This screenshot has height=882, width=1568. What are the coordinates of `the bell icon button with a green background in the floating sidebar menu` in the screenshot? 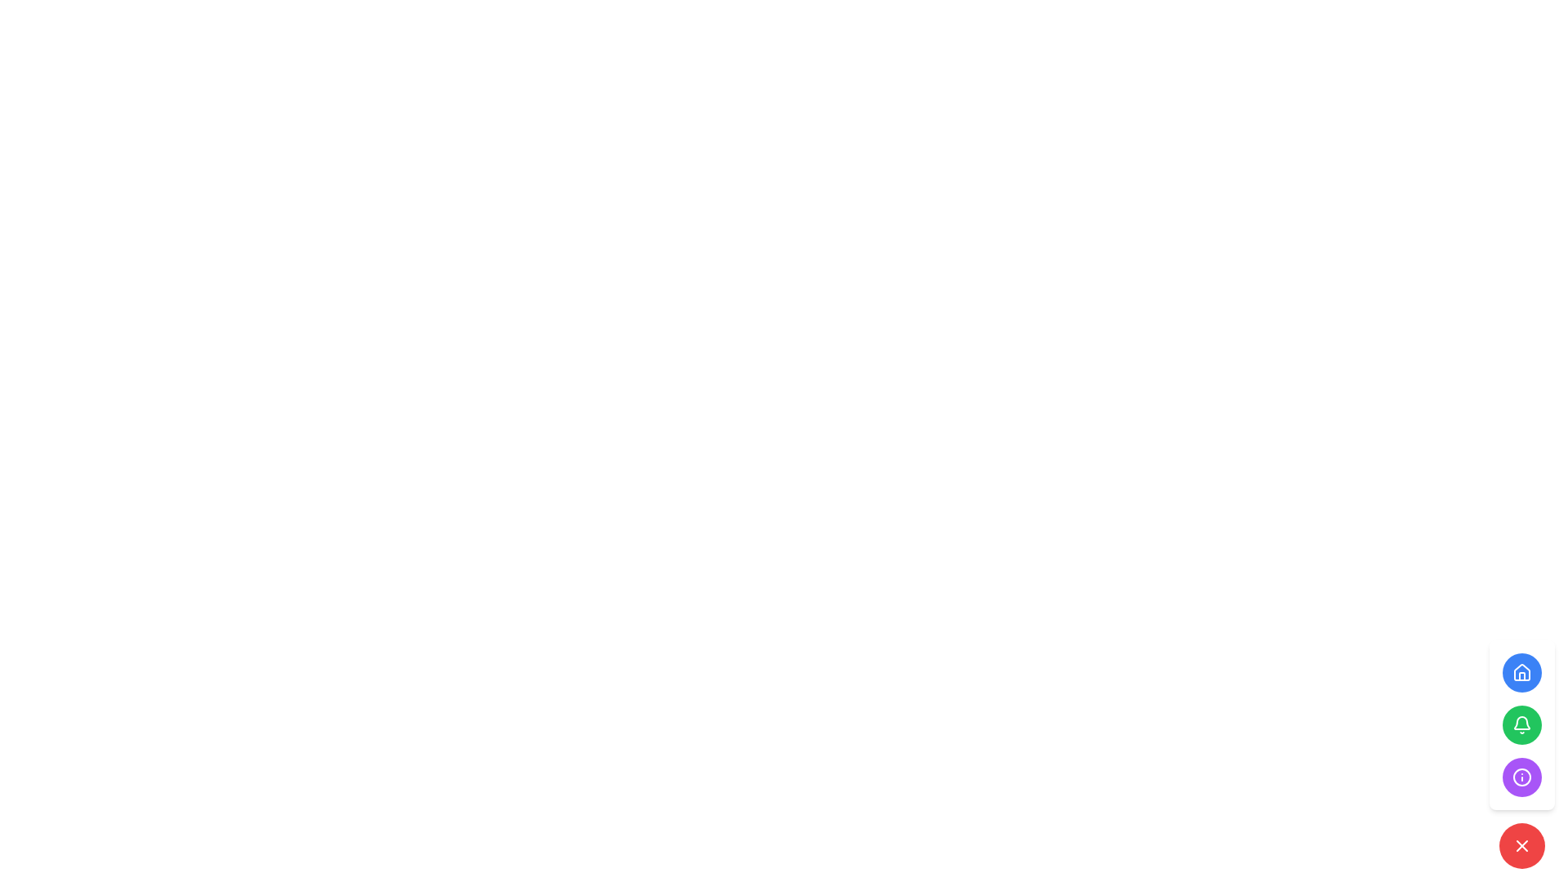 It's located at (1521, 724).